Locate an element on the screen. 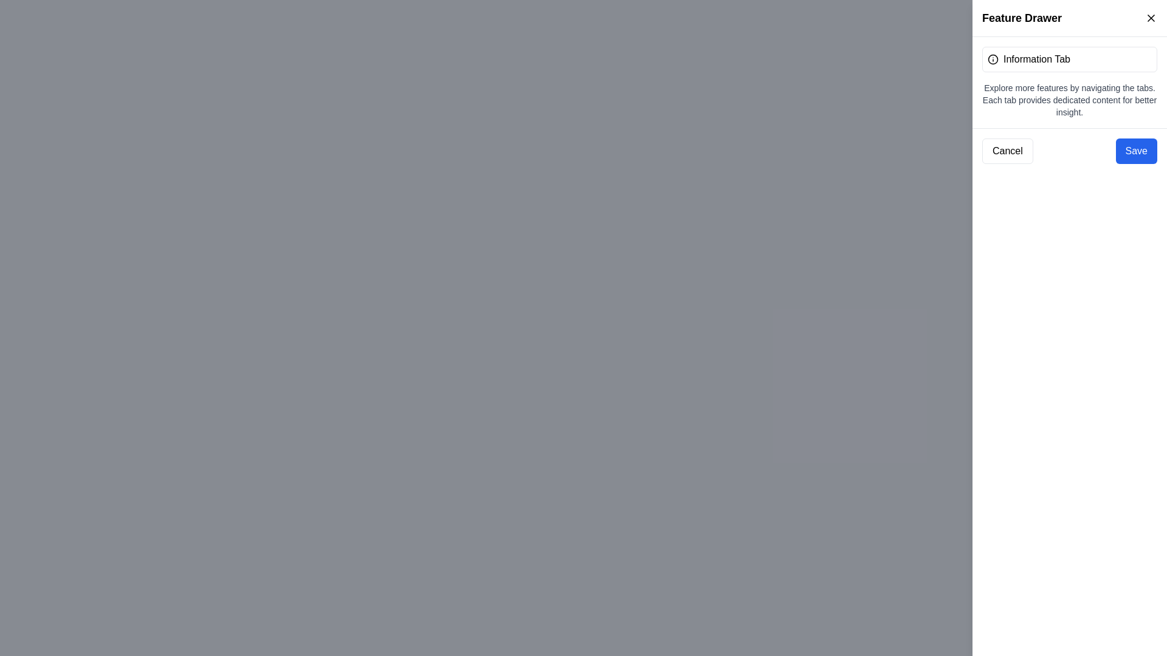 The height and width of the screenshot is (656, 1167). the close button located in the top-right corner of the 'Feature Drawer' panel is located at coordinates (1151, 18).